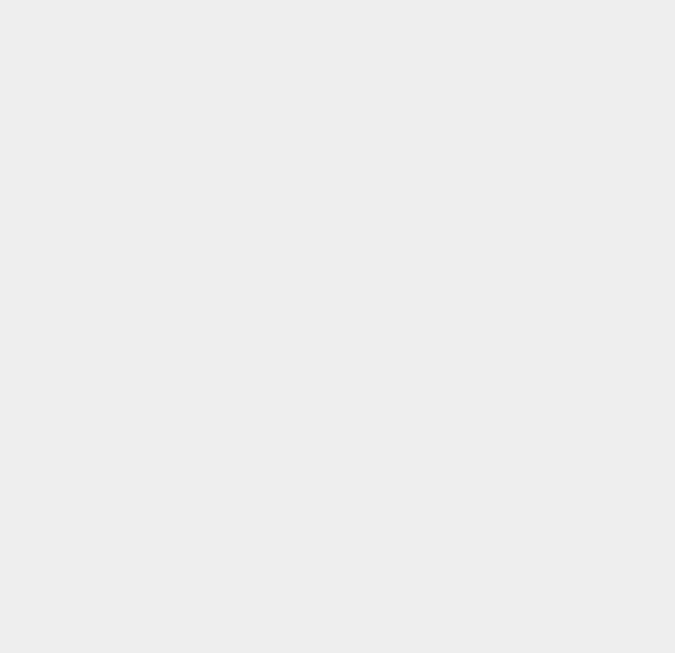  What do you see at coordinates (498, 375) in the screenshot?
I see `'Windows 9'` at bounding box center [498, 375].